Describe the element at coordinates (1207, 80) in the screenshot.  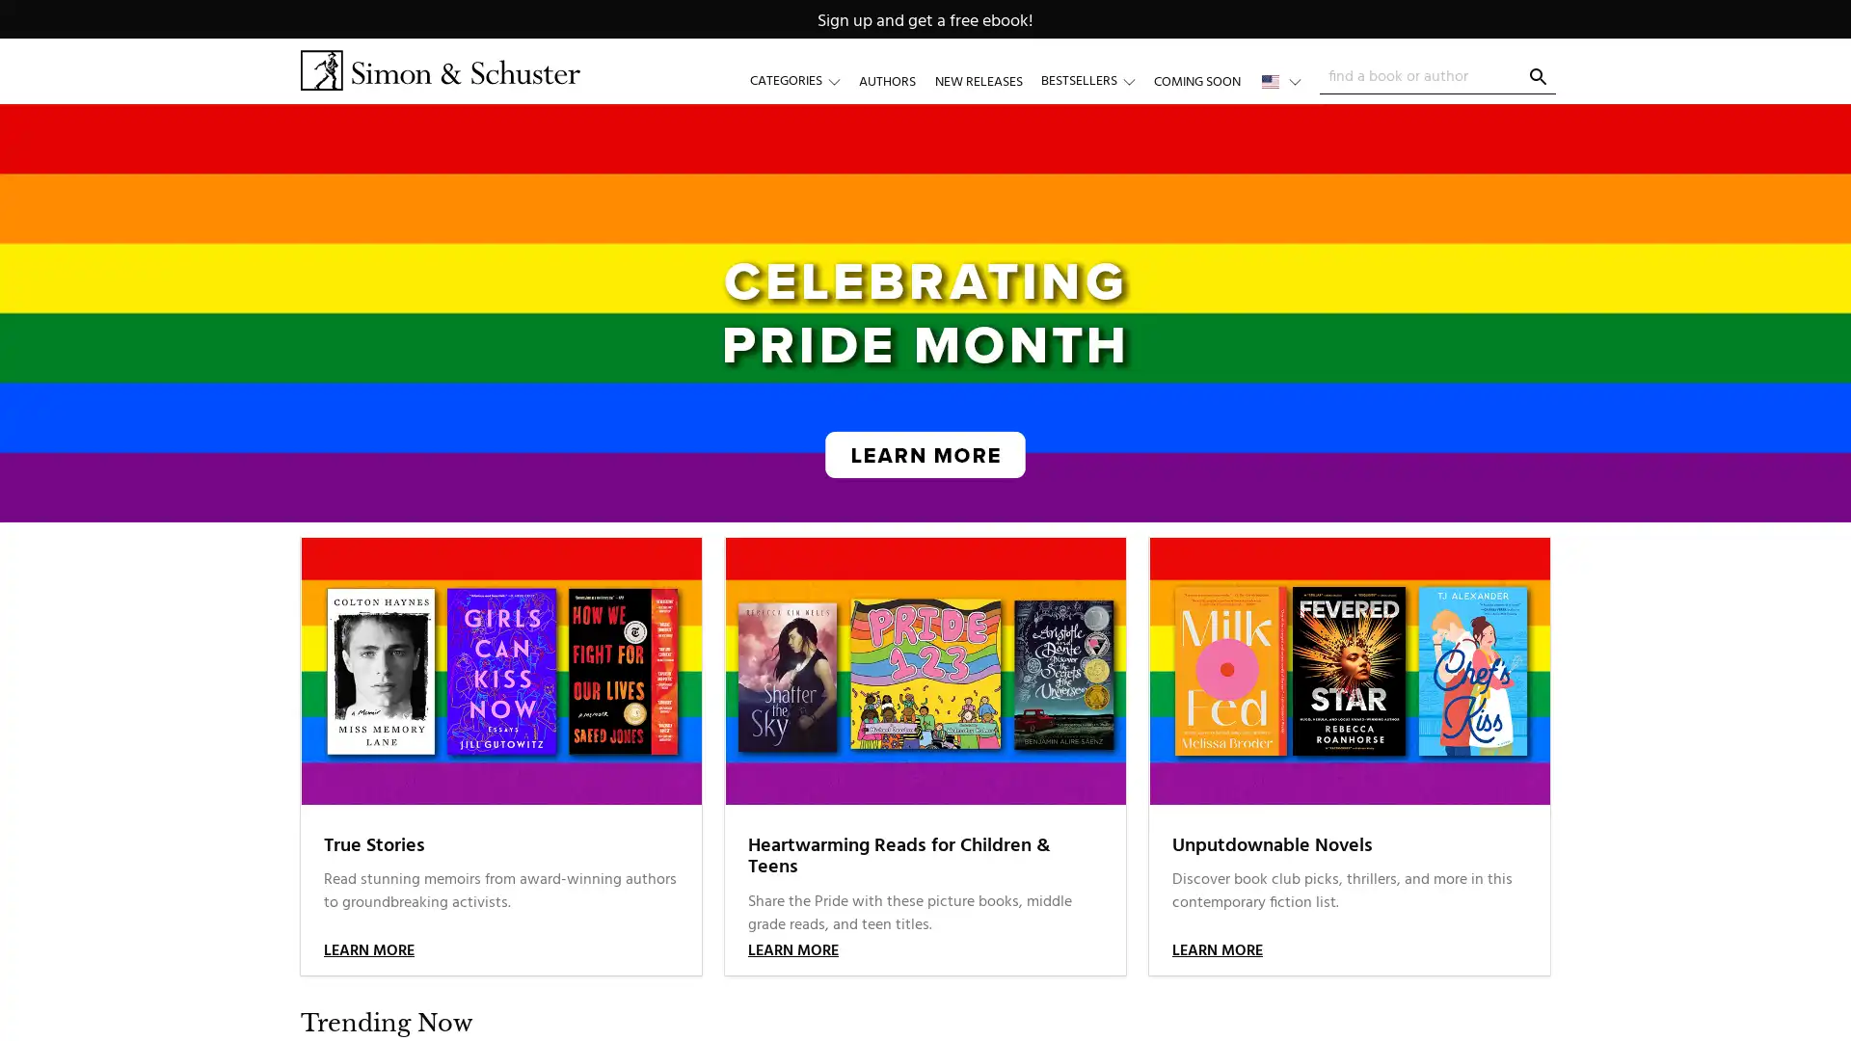
I see `WHAT'S HOT` at that location.